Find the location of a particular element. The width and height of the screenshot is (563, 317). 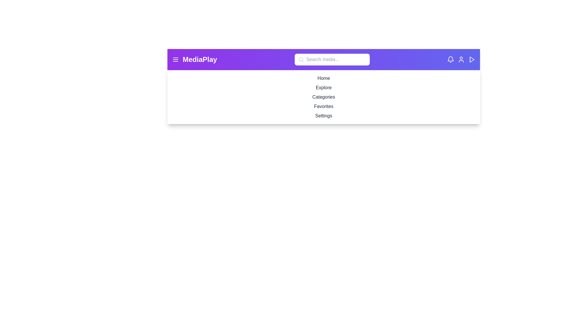

the account settings icon located at the top-right corner of the interface, which is the second icon in a horizontal group of three, flanked by a bell icon on the left and a play icon on the right is located at coordinates (461, 60).